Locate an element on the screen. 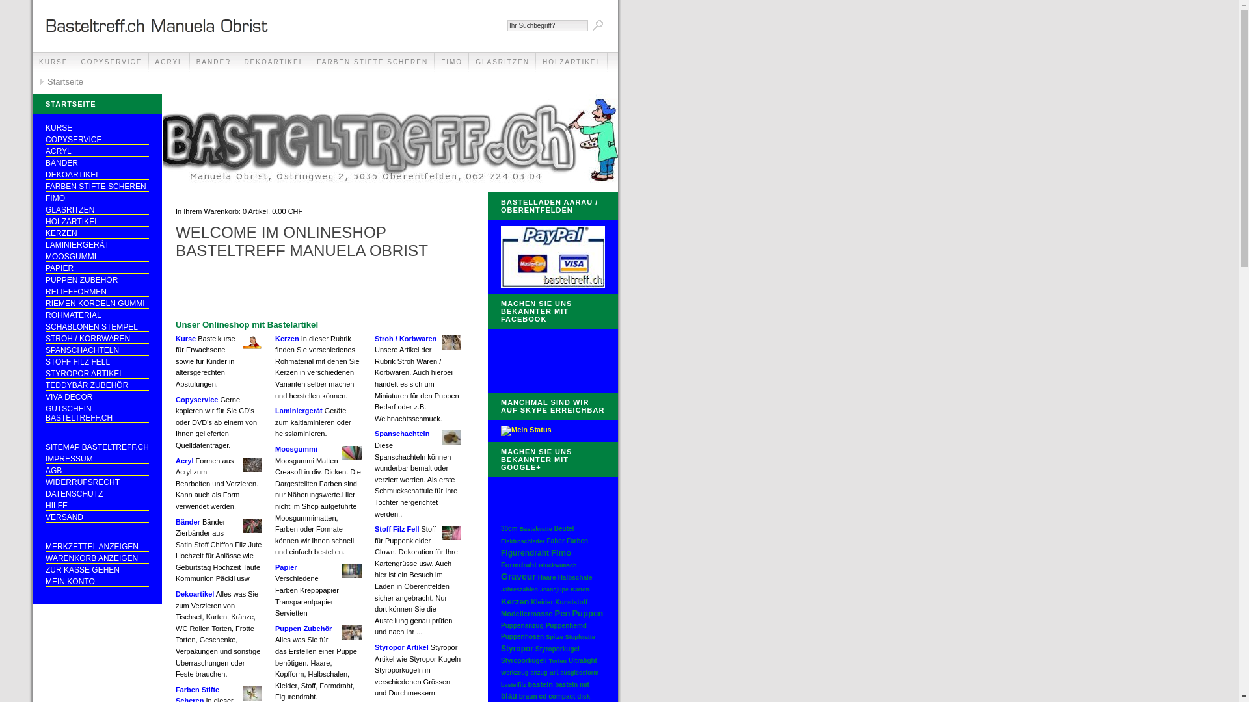  'WARENKORB ANZEIGEN' is located at coordinates (96, 558).